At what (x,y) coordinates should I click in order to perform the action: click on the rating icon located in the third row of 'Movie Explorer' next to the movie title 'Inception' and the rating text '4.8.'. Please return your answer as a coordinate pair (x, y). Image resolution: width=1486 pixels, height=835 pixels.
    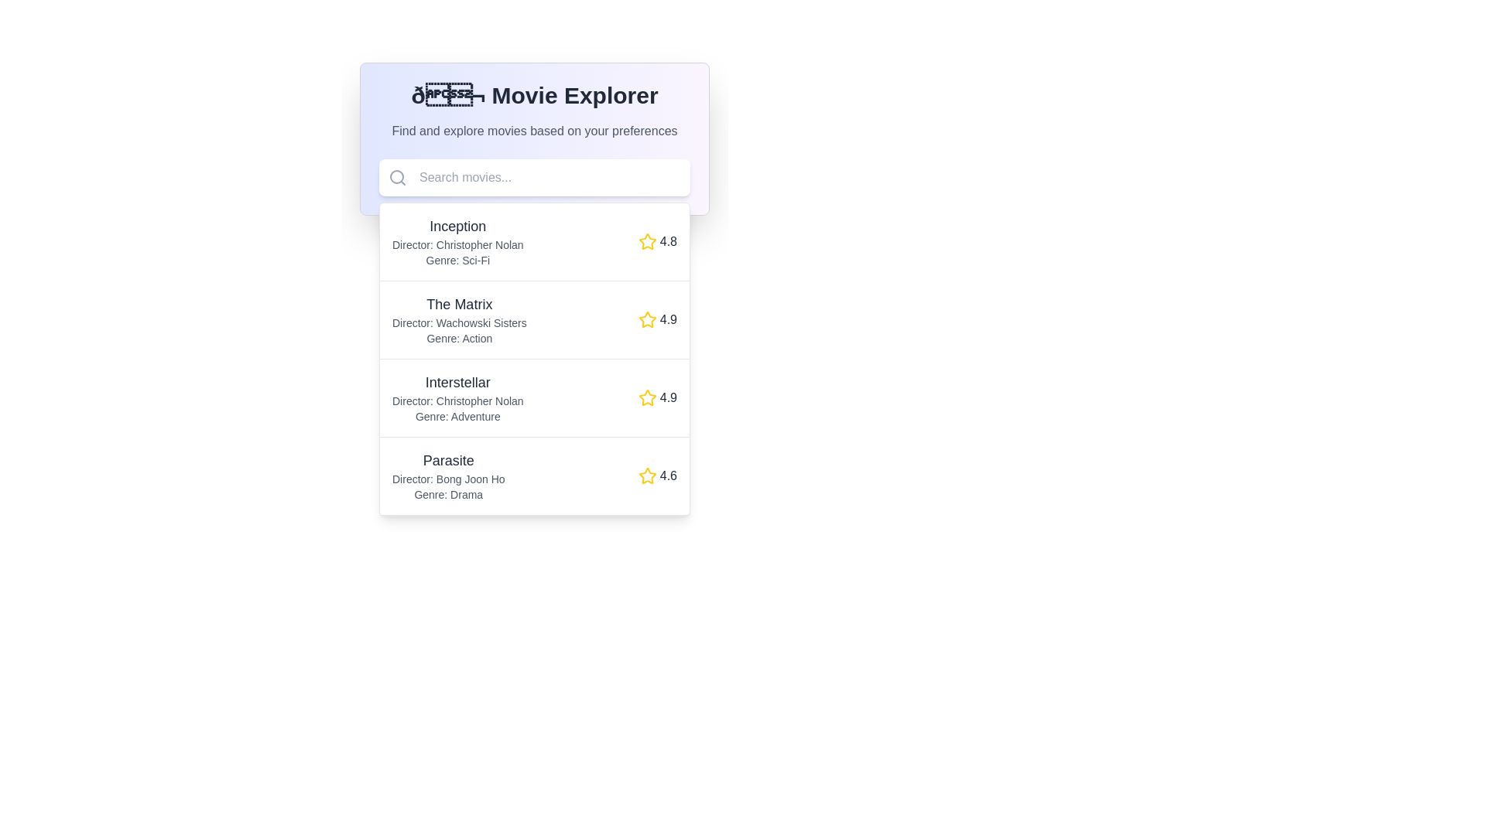
    Looking at the image, I should click on (647, 241).